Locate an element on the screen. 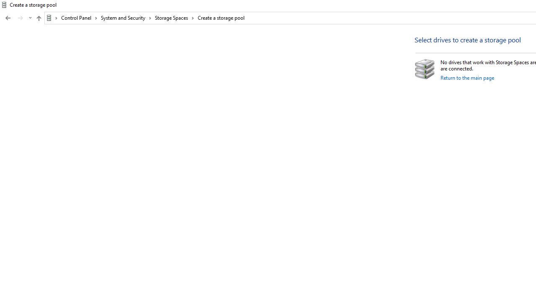  'Storage Spaces' is located at coordinates (174, 18).